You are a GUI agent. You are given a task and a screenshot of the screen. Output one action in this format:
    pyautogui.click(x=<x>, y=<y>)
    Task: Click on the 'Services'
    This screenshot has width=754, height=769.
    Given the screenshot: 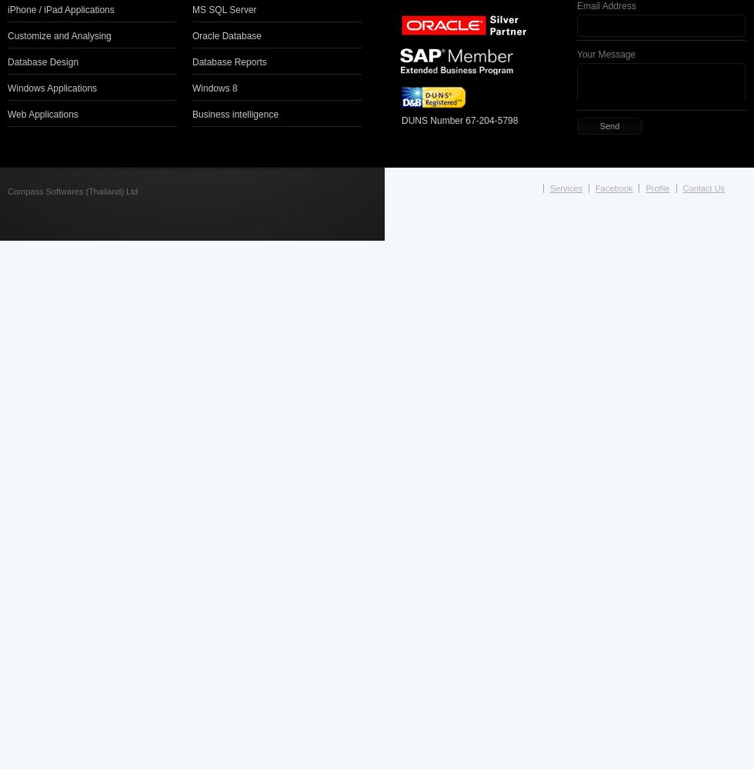 What is the action you would take?
    pyautogui.click(x=549, y=187)
    